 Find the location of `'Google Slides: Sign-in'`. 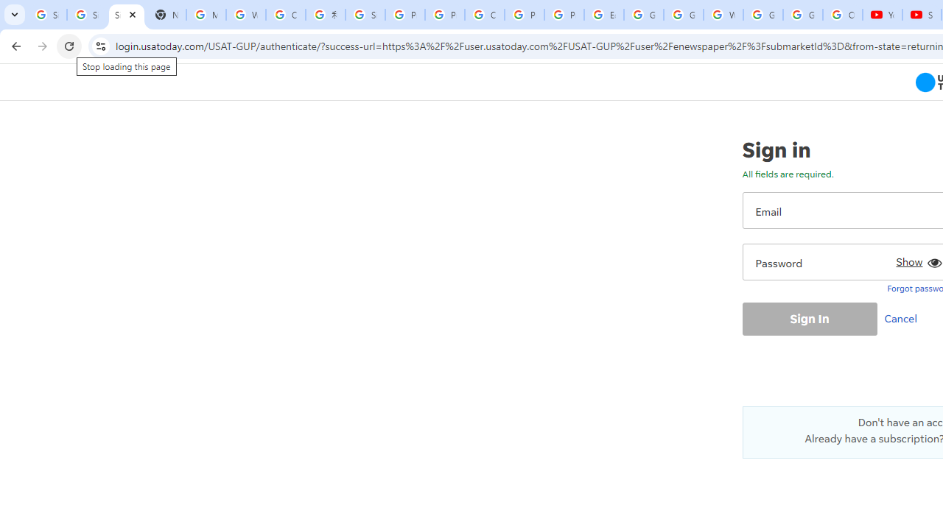

'Google Slides: Sign-in' is located at coordinates (644, 15).